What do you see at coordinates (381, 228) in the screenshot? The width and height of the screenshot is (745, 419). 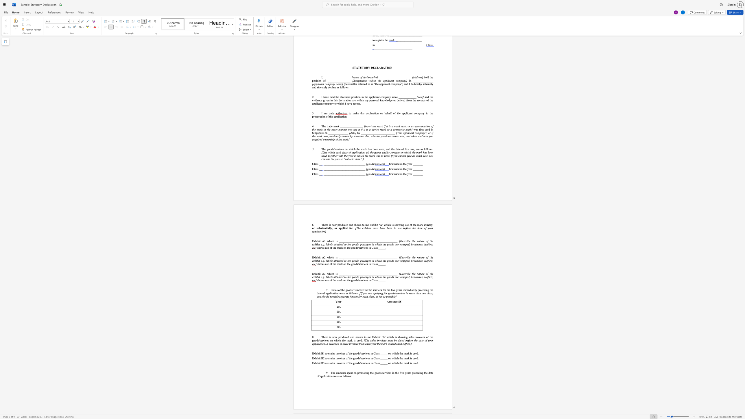 I see `the subset text "ave been in use" within the text "[The exhibits must have been in use"` at bounding box center [381, 228].